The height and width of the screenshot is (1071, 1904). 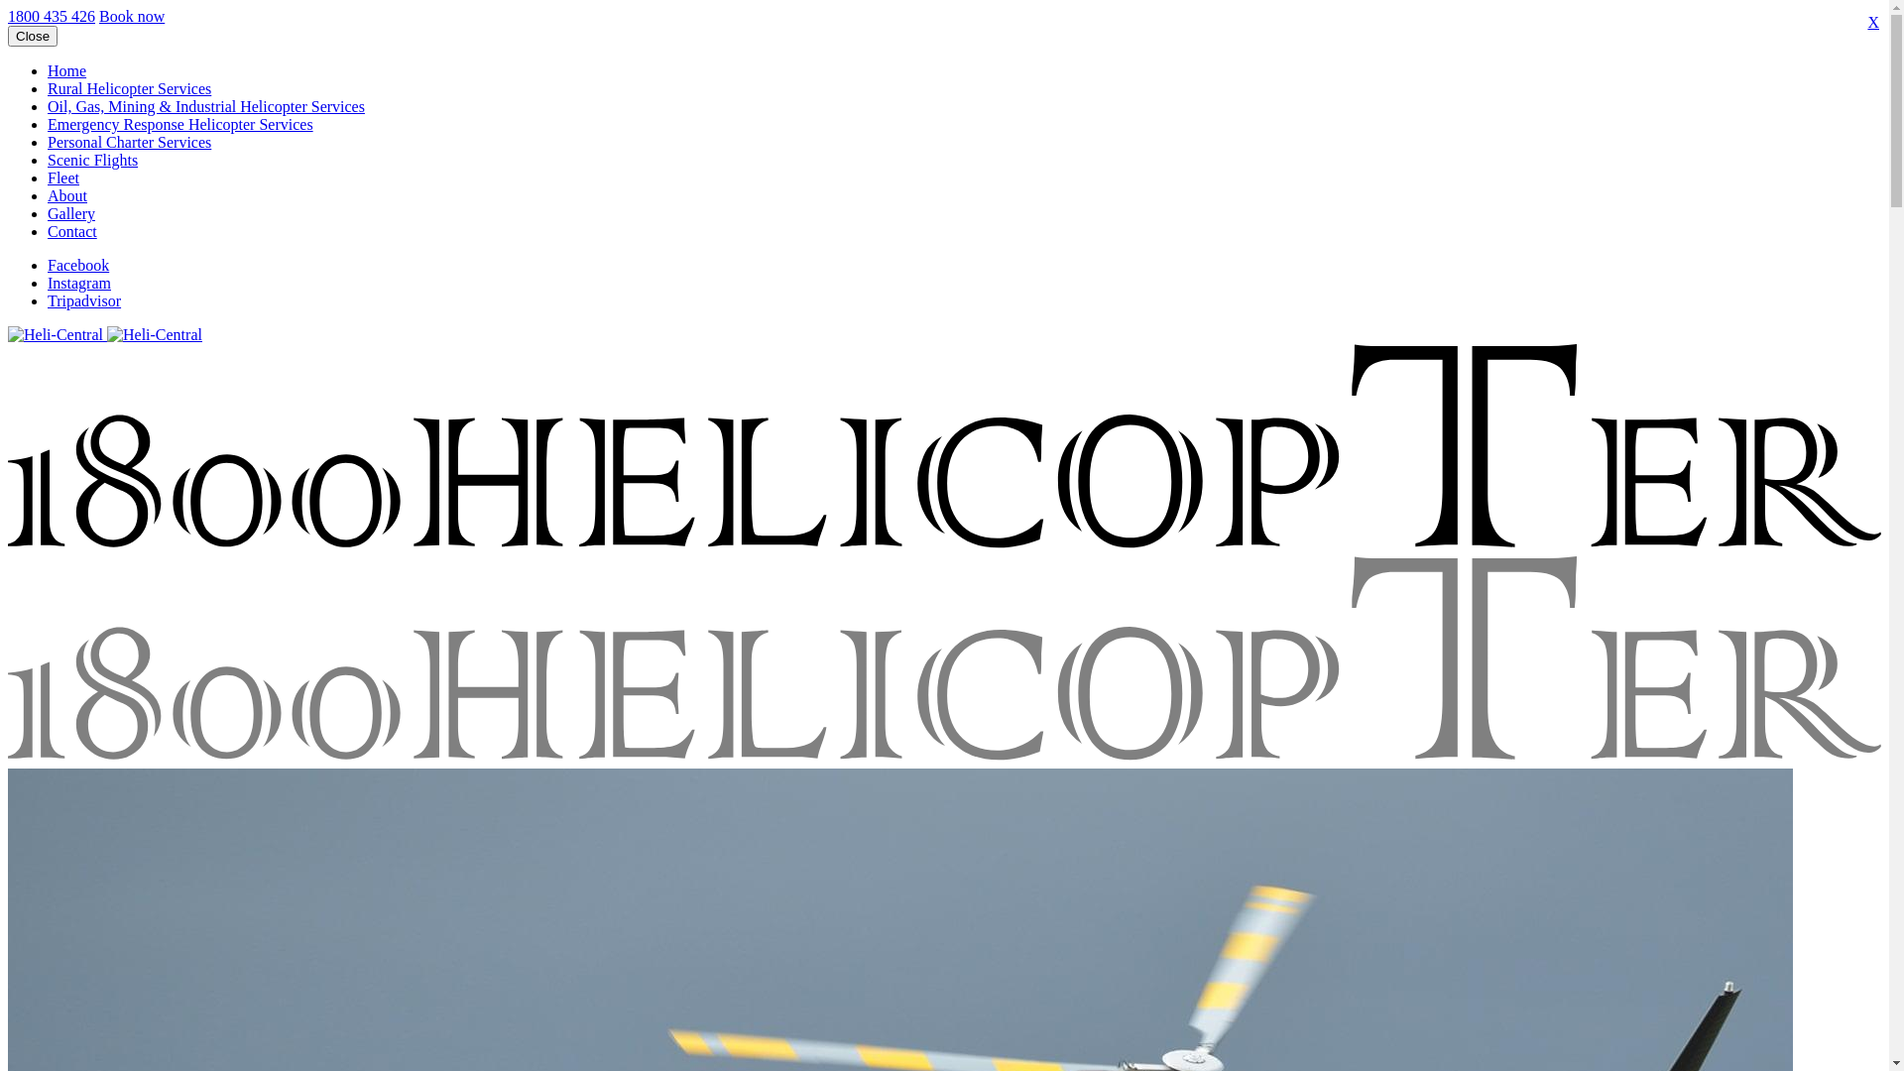 I want to click on 'Gallery', so click(x=48, y=213).